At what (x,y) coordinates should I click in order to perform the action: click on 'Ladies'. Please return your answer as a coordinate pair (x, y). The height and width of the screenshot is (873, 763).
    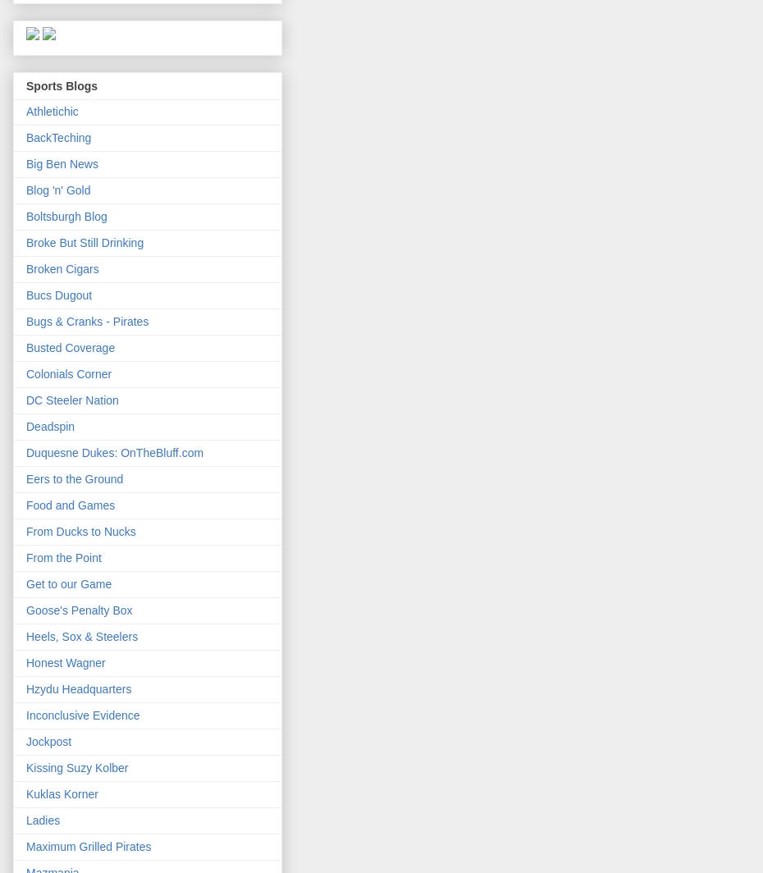
    Looking at the image, I should click on (42, 820).